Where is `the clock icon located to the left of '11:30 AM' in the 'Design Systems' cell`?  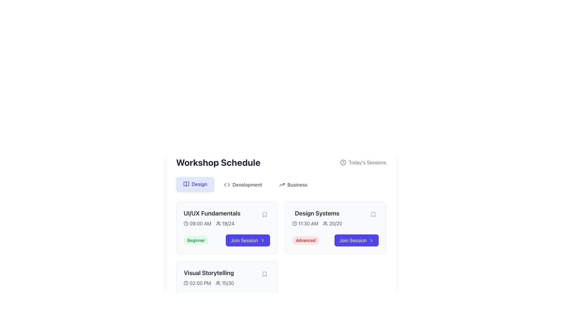
the clock icon located to the left of '11:30 AM' in the 'Design Systems' cell is located at coordinates (295, 224).